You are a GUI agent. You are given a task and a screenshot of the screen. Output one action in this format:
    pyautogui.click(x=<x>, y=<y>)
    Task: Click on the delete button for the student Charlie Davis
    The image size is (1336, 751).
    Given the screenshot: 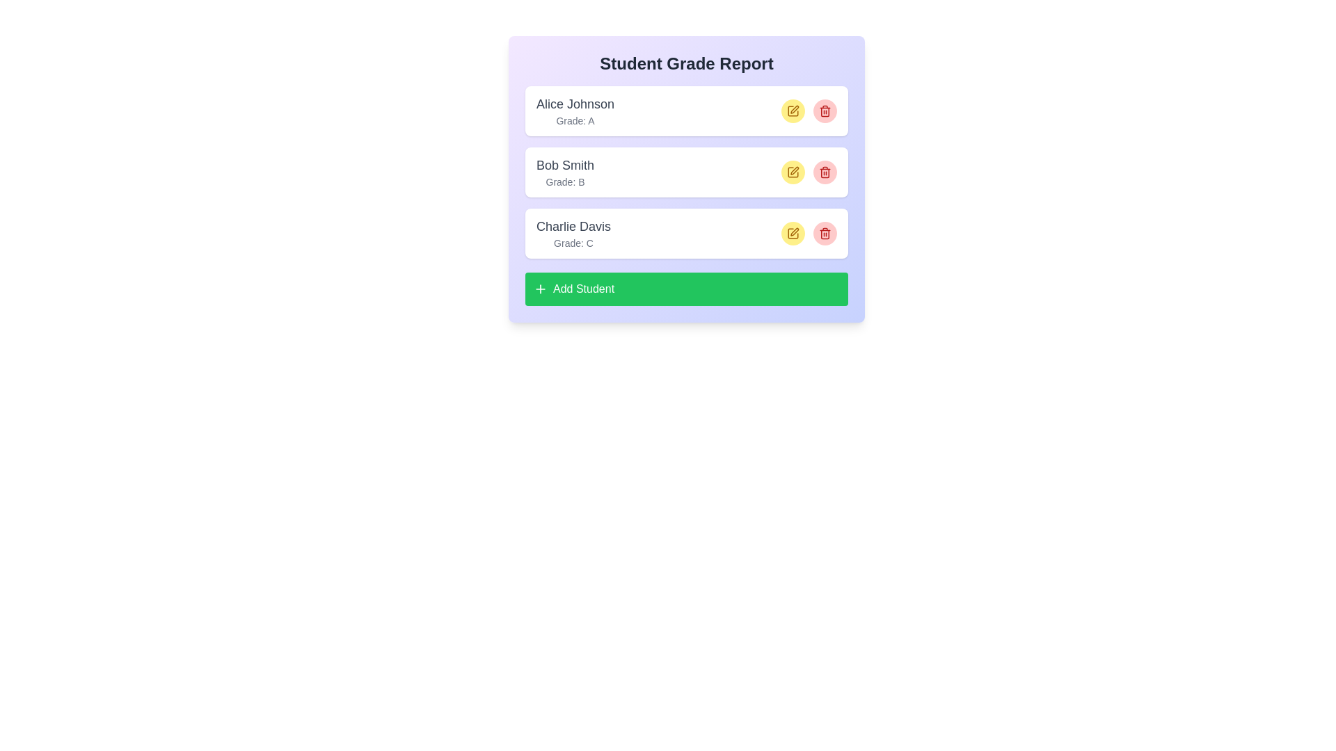 What is the action you would take?
    pyautogui.click(x=825, y=232)
    